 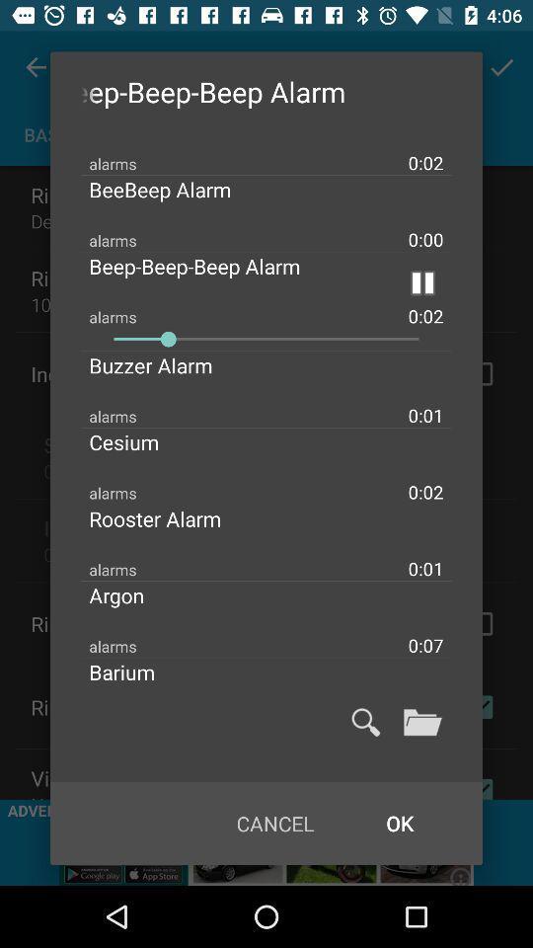 I want to click on item below 0:02, so click(x=176, y=190).